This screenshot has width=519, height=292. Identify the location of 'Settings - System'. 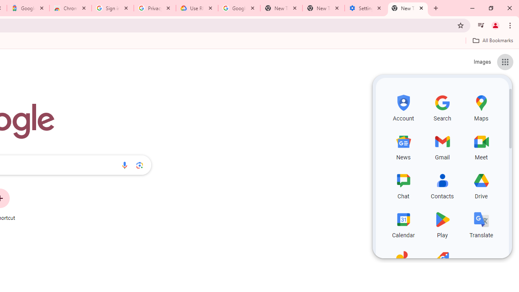
(365, 8).